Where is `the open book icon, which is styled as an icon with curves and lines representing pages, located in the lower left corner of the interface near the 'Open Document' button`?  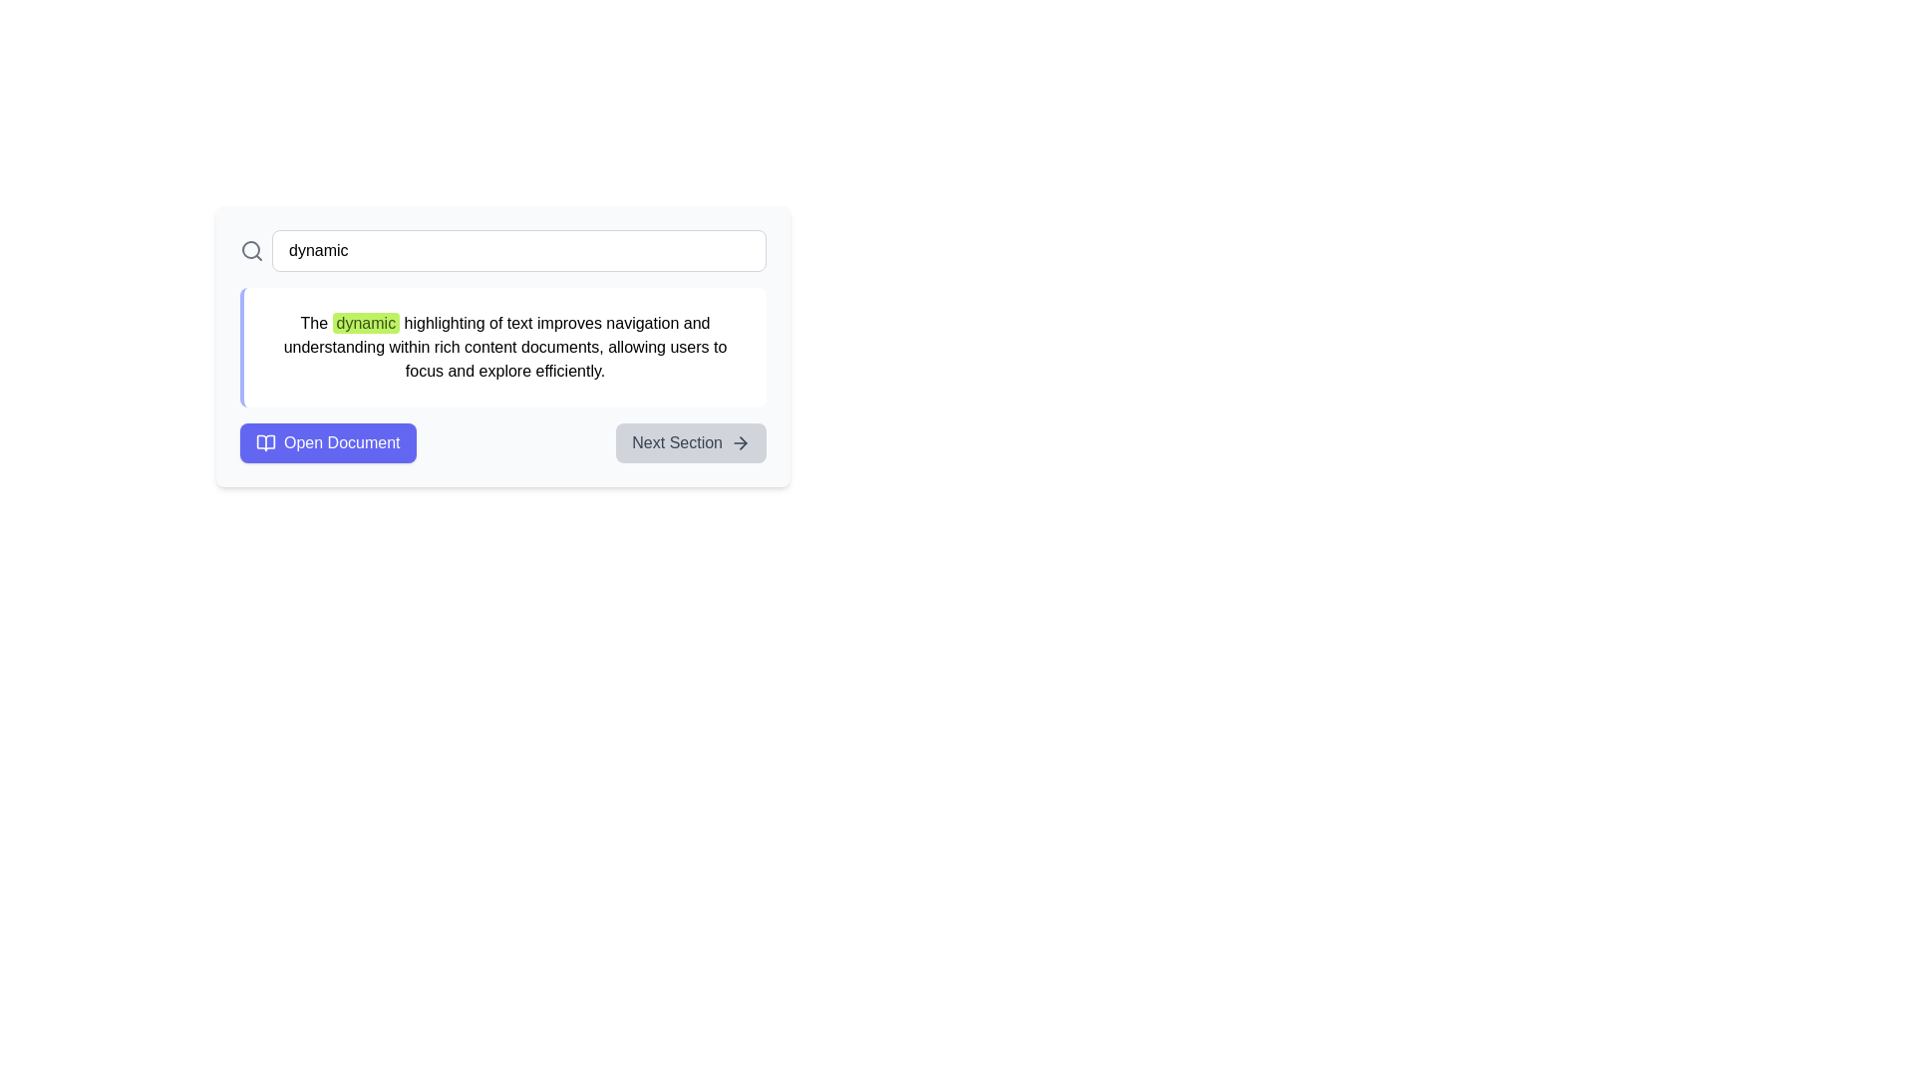 the open book icon, which is styled as an icon with curves and lines representing pages, located in the lower left corner of the interface near the 'Open Document' button is located at coordinates (265, 441).